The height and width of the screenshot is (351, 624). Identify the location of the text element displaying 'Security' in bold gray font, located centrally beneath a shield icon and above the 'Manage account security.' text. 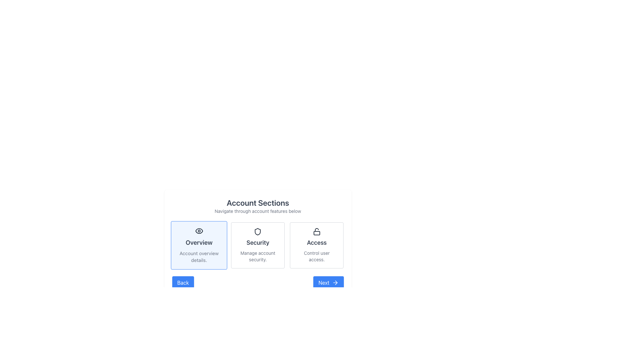
(257, 243).